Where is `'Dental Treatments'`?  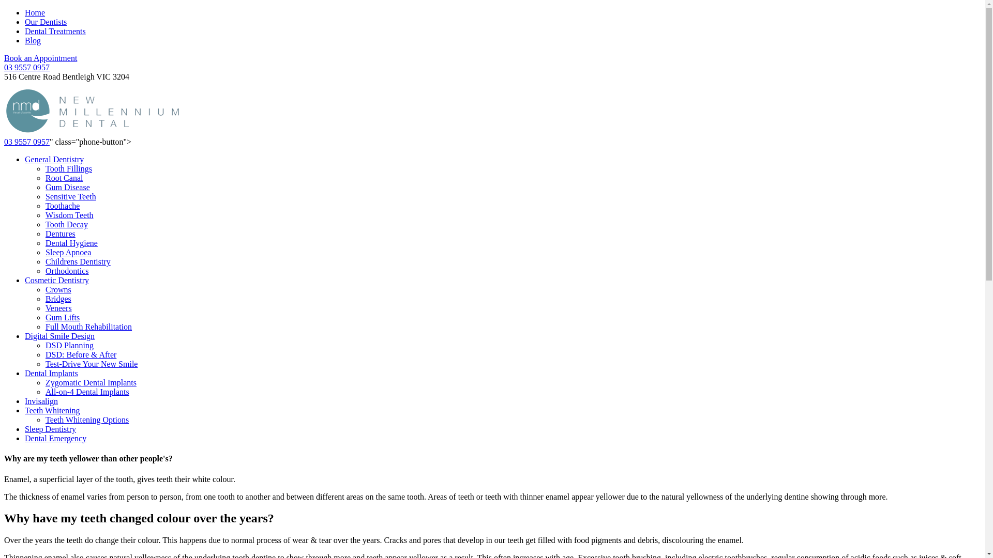 'Dental Treatments' is located at coordinates (54, 30).